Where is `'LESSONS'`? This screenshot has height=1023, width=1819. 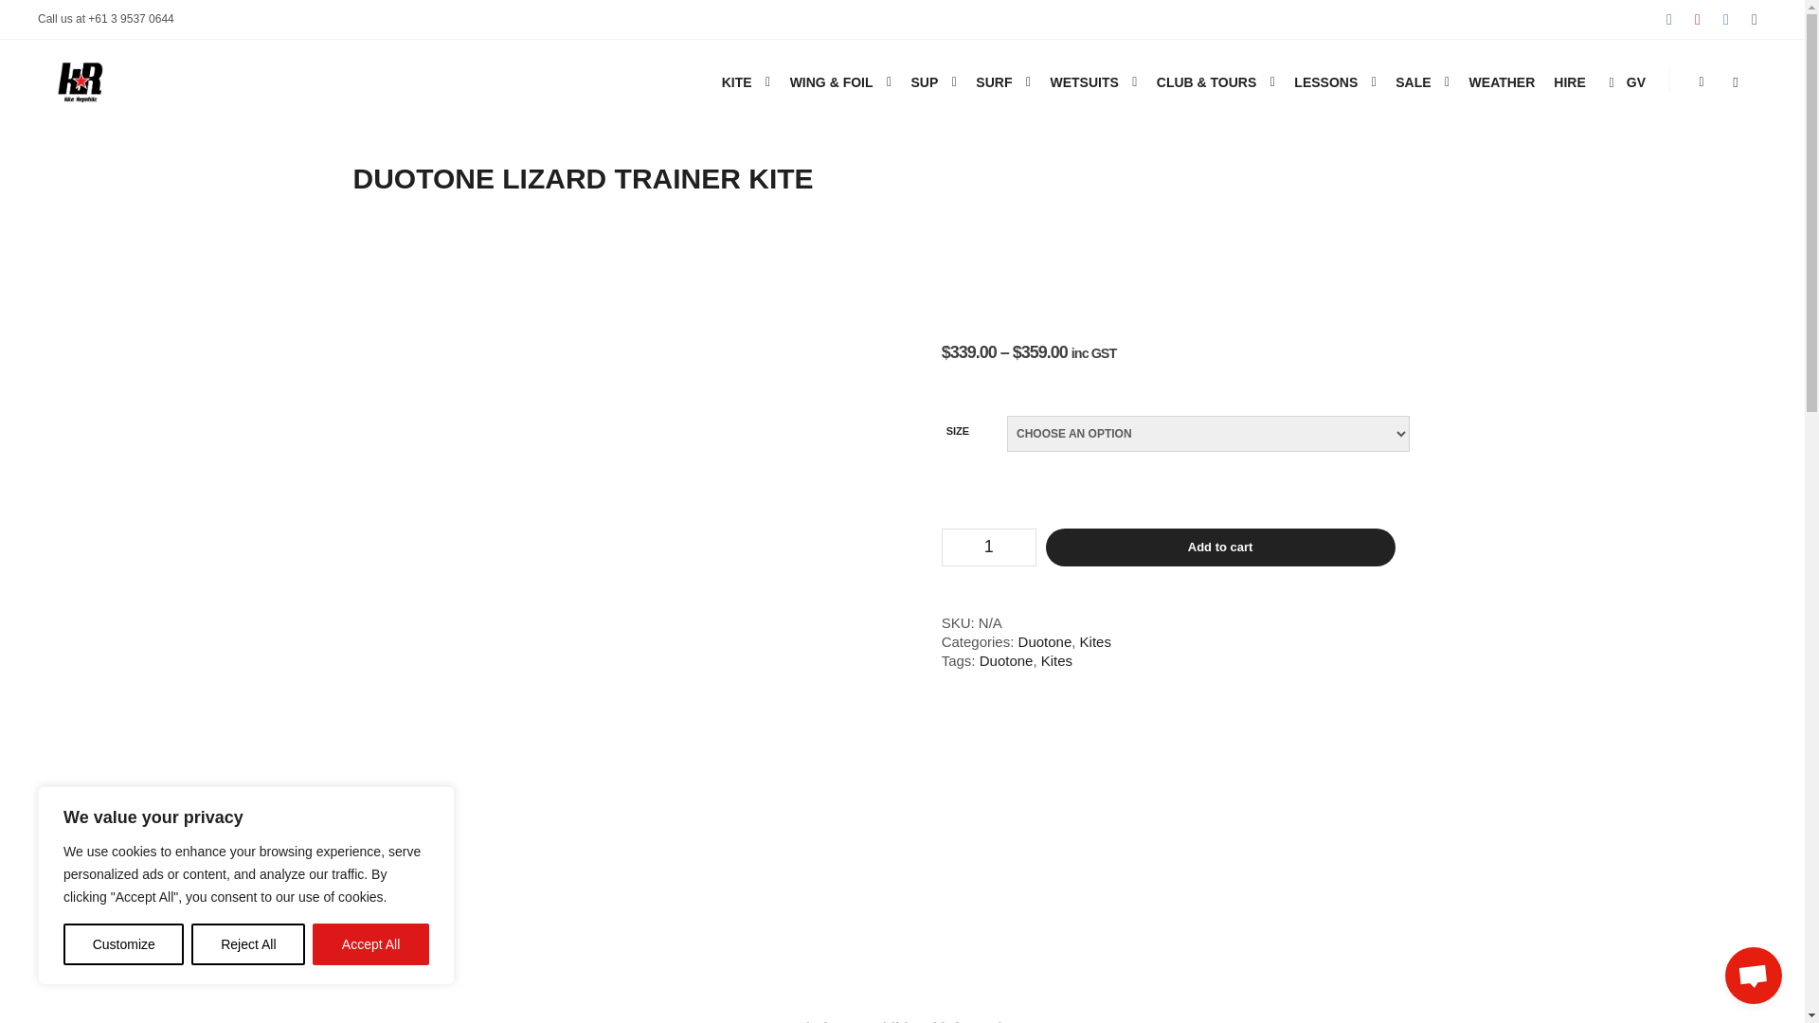 'LESSONS' is located at coordinates (1322, 81).